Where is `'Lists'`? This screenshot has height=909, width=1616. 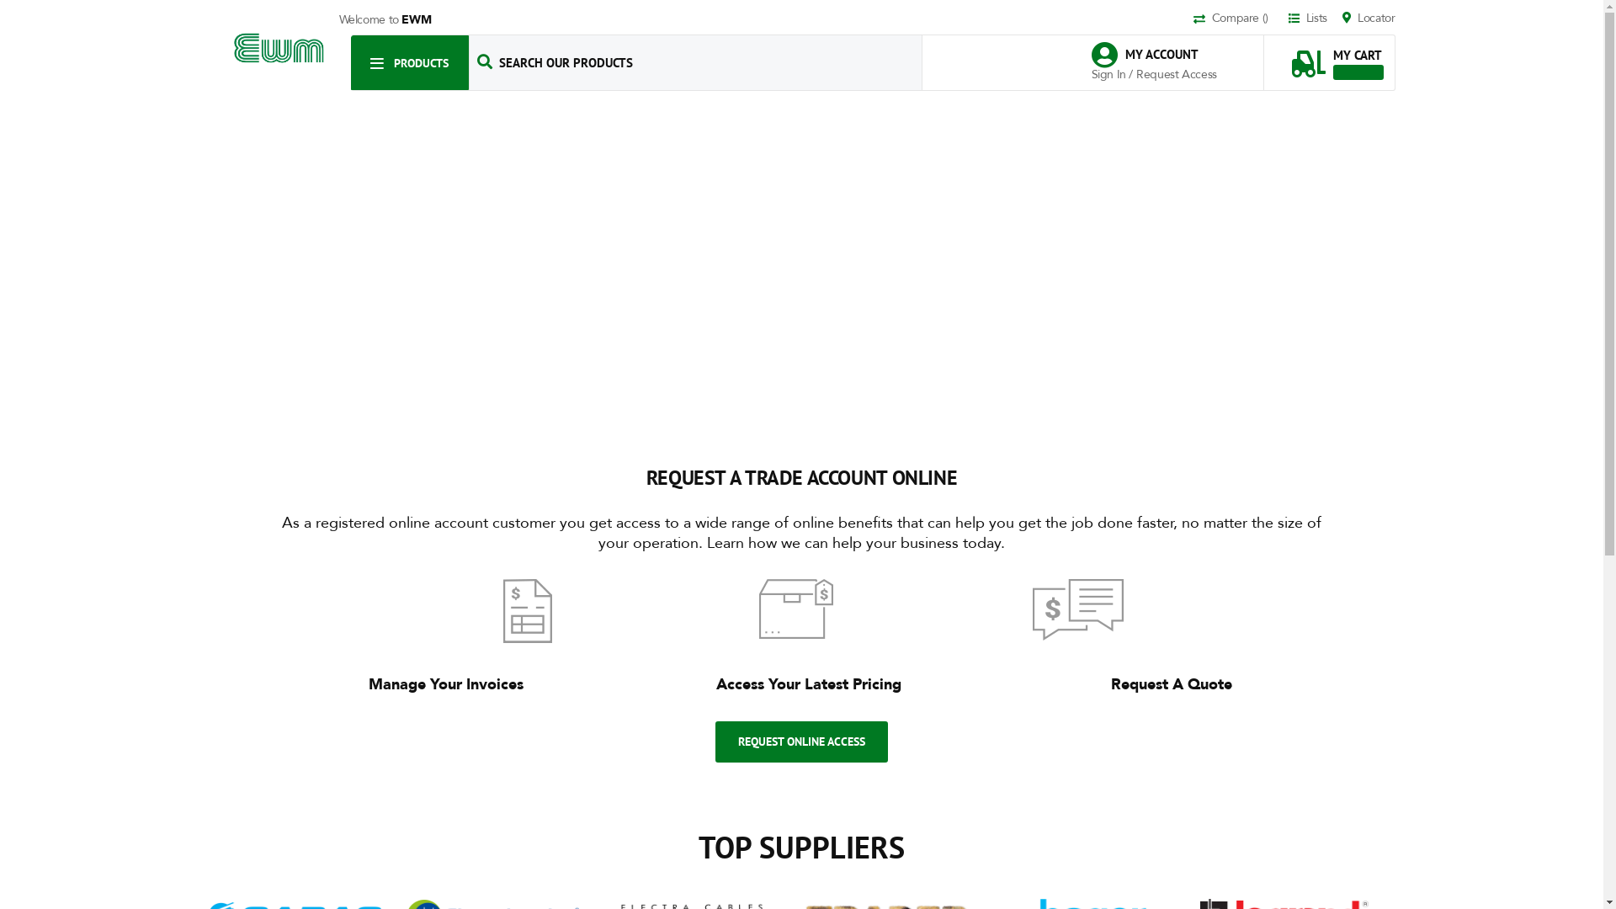 'Lists' is located at coordinates (1288, 19).